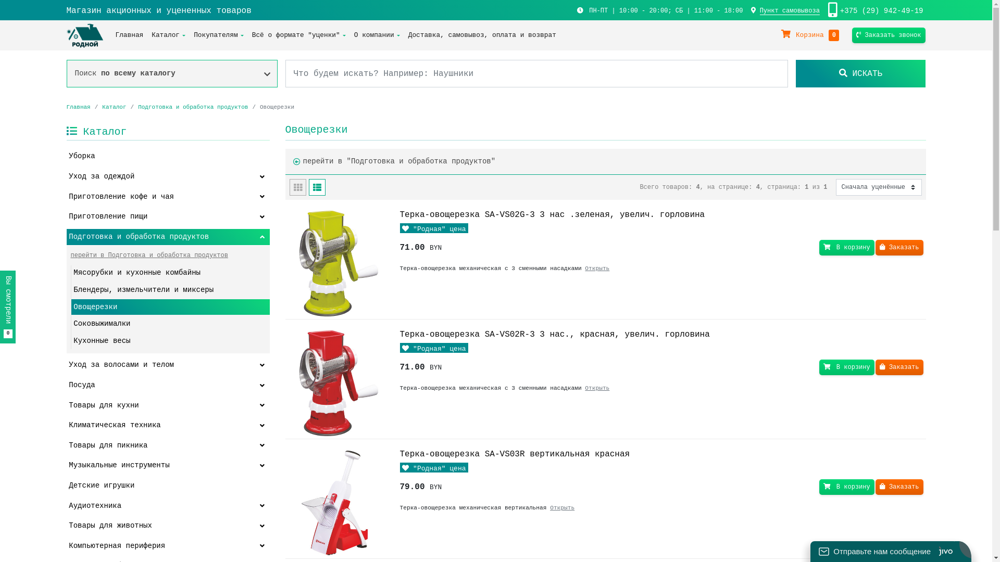 The height and width of the screenshot is (562, 1000). I want to click on 'Rodnoy.by', so click(85, 35).